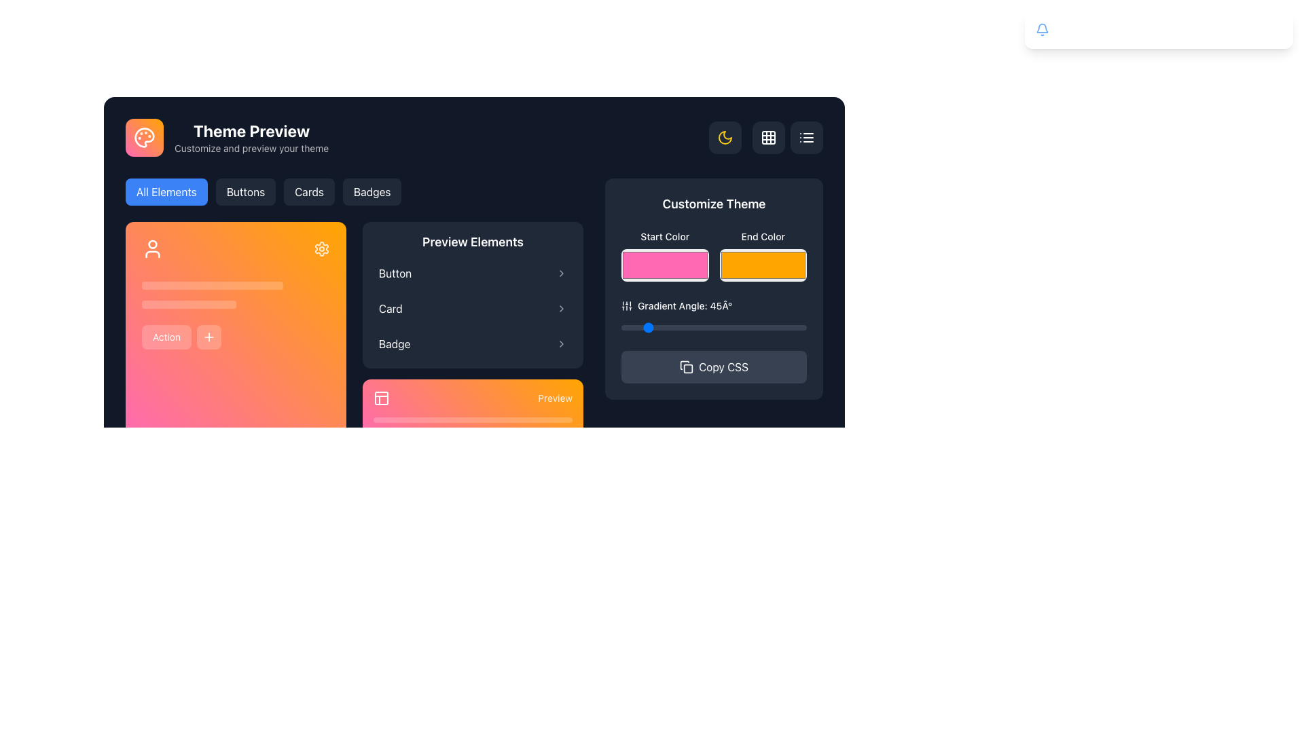  I want to click on the orange color-picker input box labeled 'End Color', so click(763, 265).